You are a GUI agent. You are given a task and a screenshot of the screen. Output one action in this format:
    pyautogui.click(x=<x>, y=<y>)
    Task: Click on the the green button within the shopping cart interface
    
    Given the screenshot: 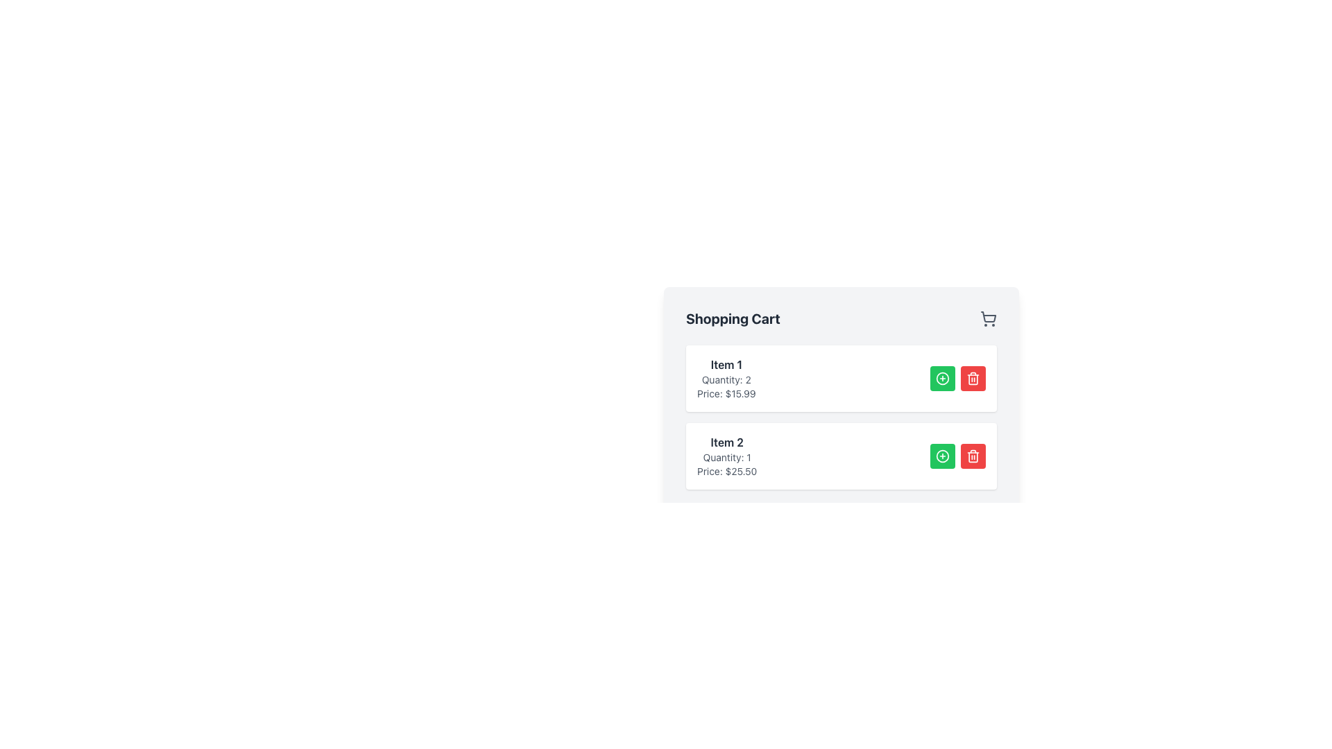 What is the action you would take?
    pyautogui.click(x=957, y=379)
    